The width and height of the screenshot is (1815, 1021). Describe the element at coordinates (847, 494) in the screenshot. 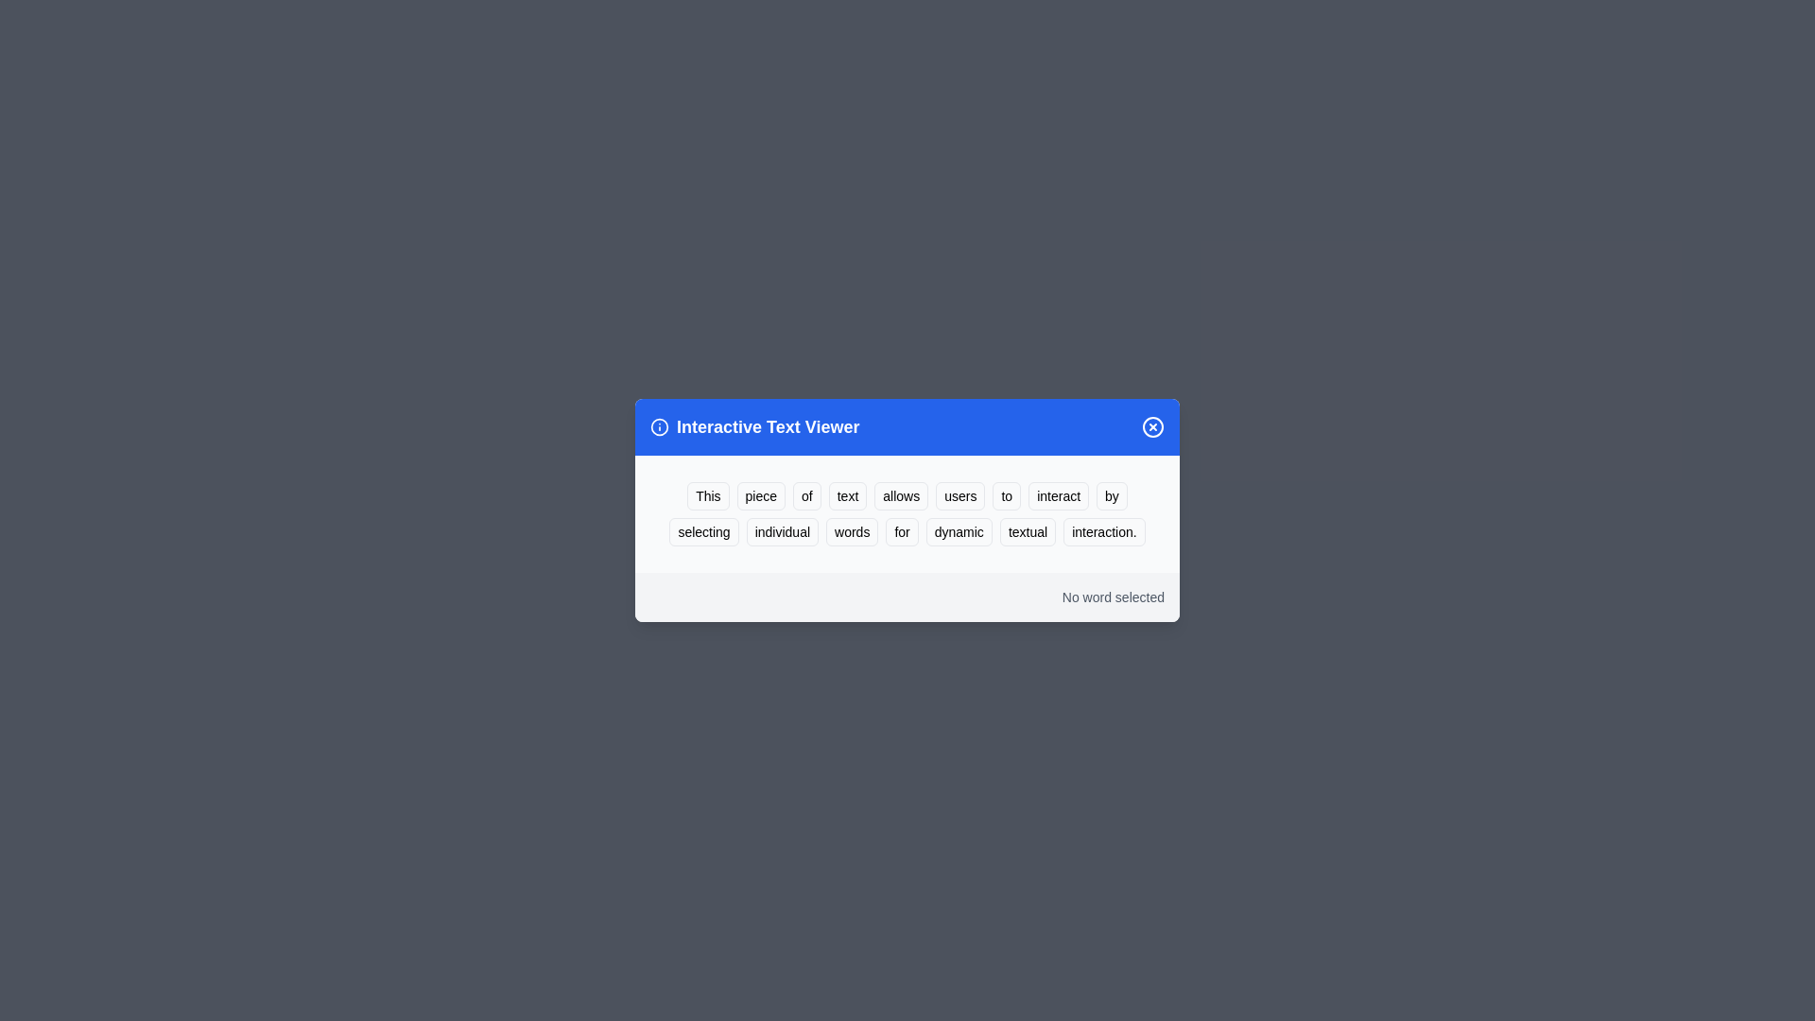

I see `the word 'text' to highlight it` at that location.